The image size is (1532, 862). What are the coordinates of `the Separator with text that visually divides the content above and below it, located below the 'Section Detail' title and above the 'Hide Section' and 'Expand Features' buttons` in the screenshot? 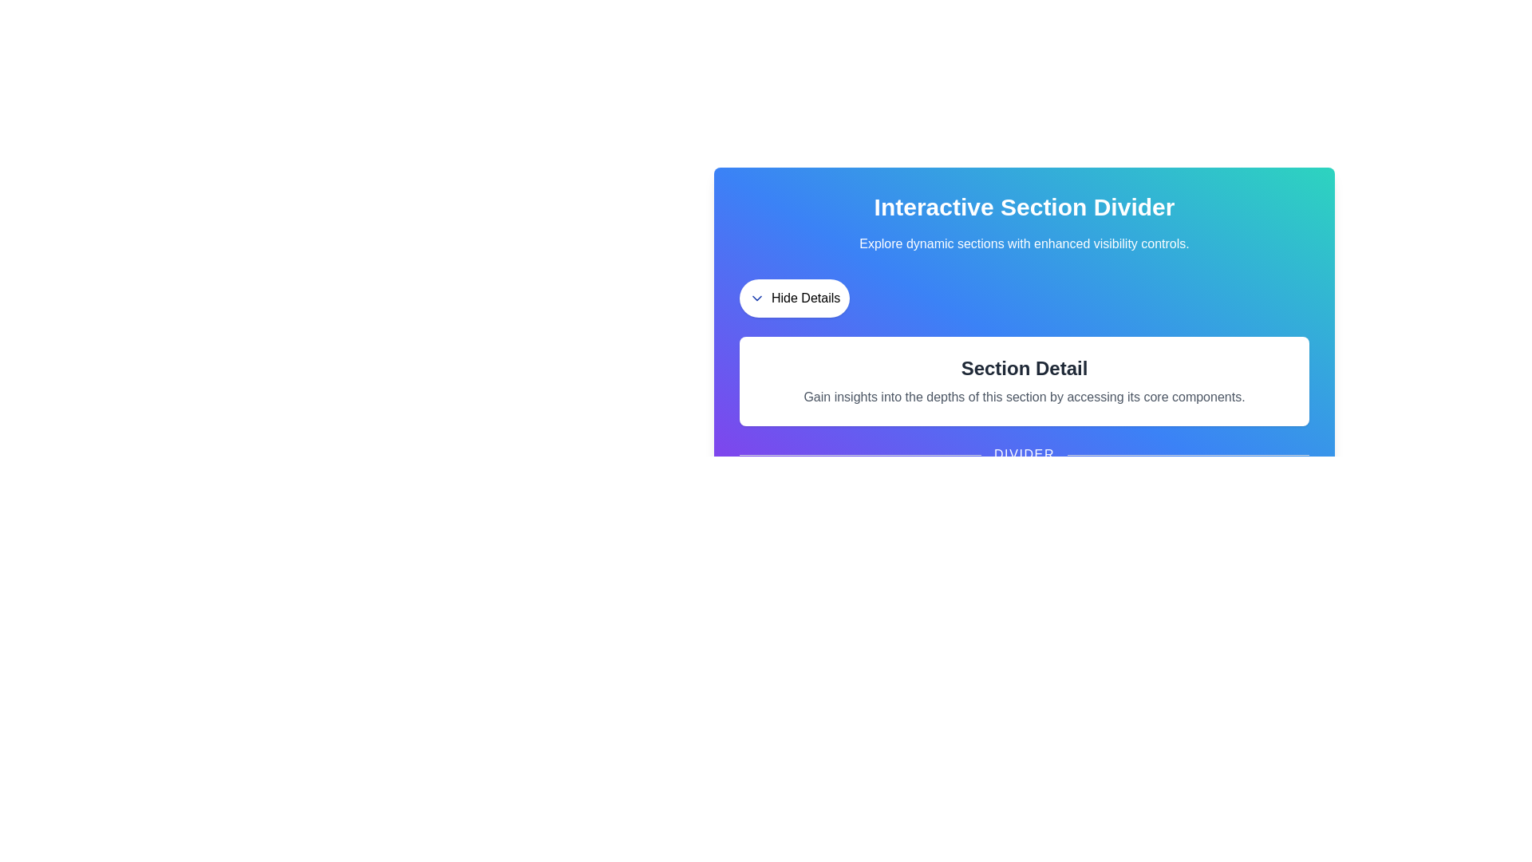 It's located at (1024, 455).